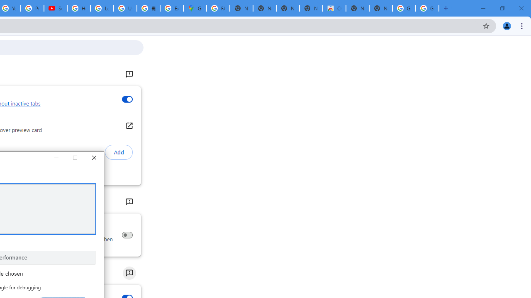 This screenshot has width=531, height=298. Describe the element at coordinates (127, 235) in the screenshot. I see `'Memory Saver'` at that location.